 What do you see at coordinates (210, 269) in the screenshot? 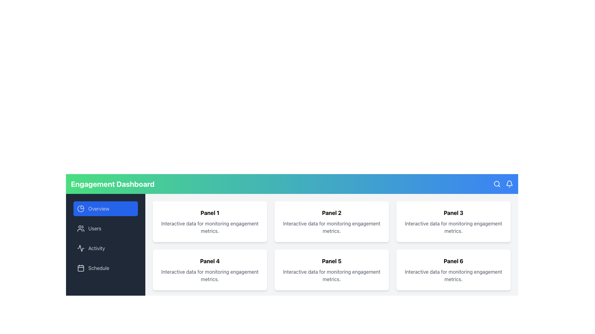
I see `the information displayed in the Informational Panel titled 'Panel 4', which contains engagement metrics data` at bounding box center [210, 269].